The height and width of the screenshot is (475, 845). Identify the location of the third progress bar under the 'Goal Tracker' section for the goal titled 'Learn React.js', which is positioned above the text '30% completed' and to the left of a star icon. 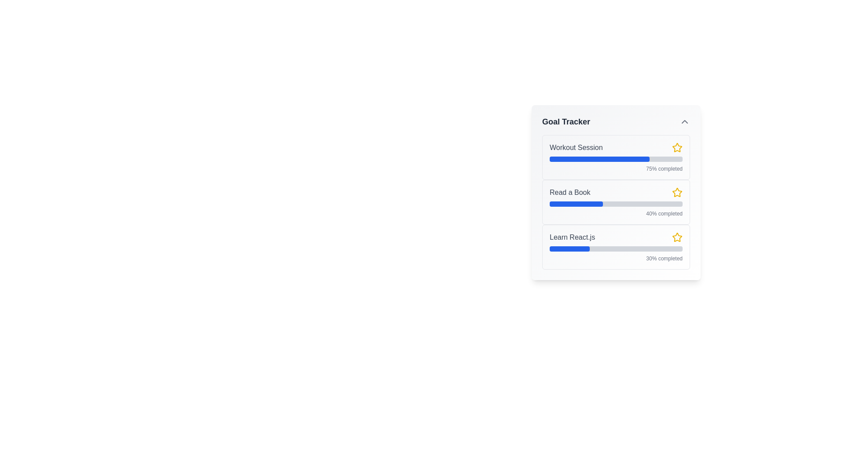
(616, 249).